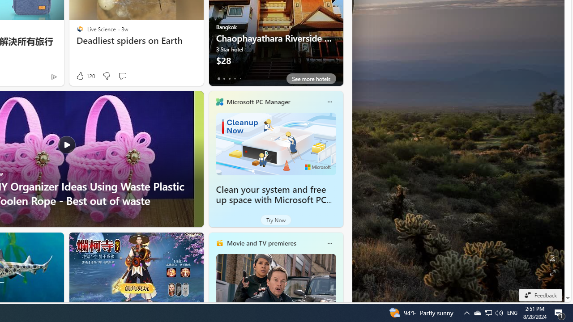  What do you see at coordinates (122, 75) in the screenshot?
I see `'Start the conversation'` at bounding box center [122, 75].